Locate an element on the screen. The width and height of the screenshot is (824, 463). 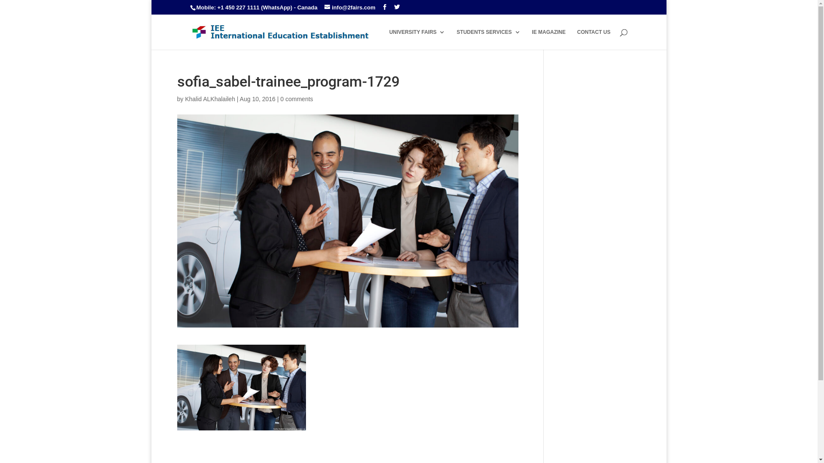
'0 comments' is located at coordinates (297, 99).